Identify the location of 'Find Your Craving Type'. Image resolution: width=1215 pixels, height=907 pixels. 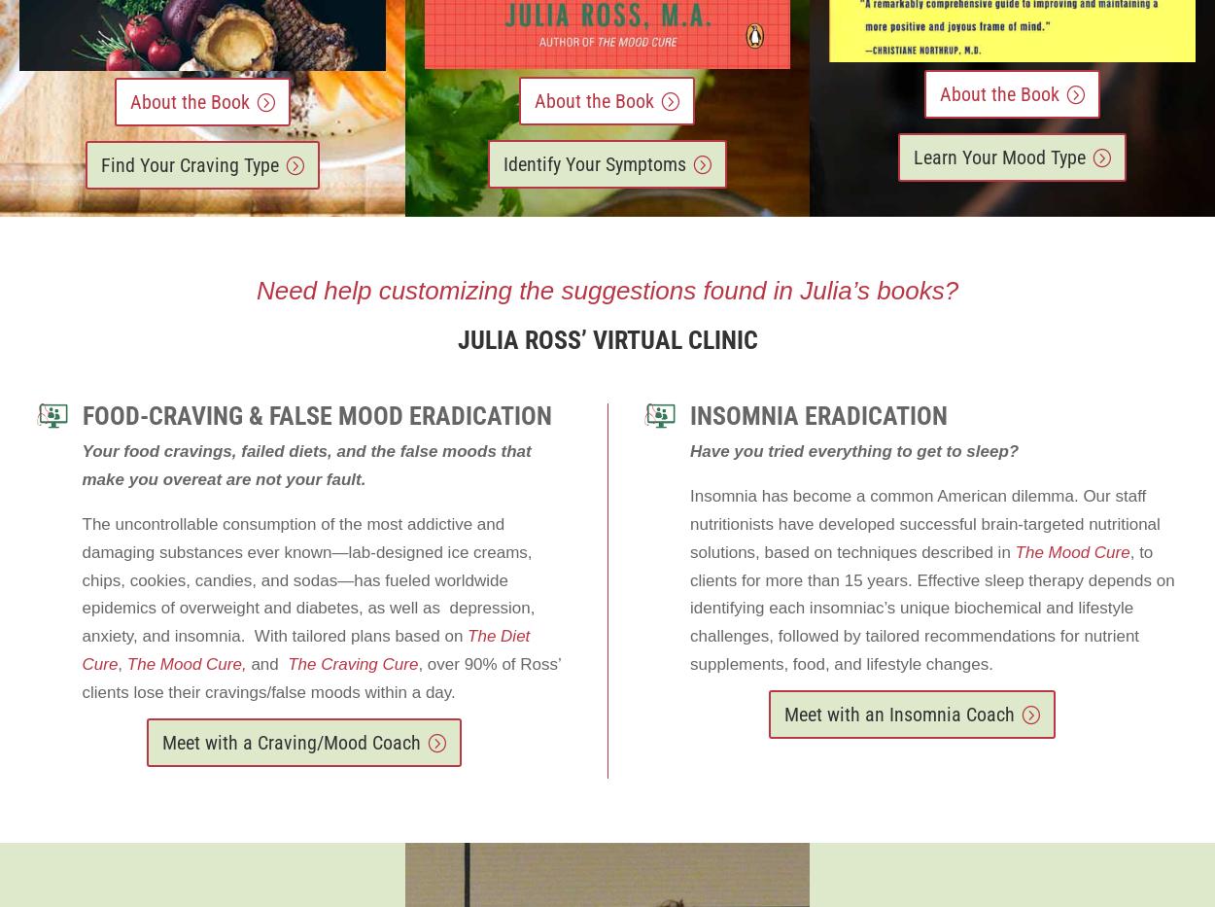
(188, 164).